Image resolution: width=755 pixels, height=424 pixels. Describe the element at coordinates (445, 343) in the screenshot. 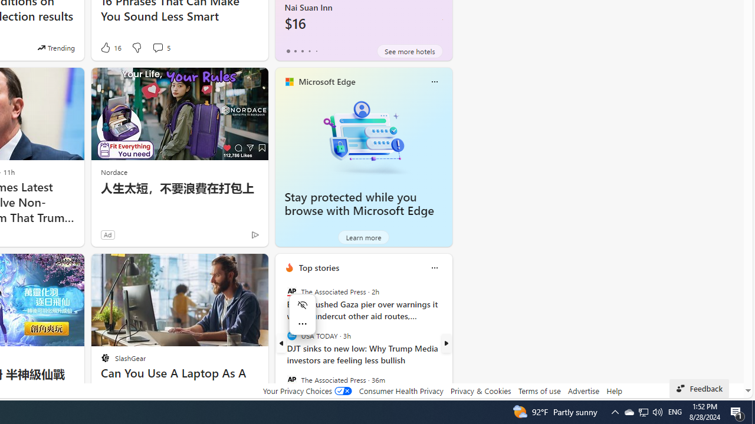

I see `'next'` at that location.